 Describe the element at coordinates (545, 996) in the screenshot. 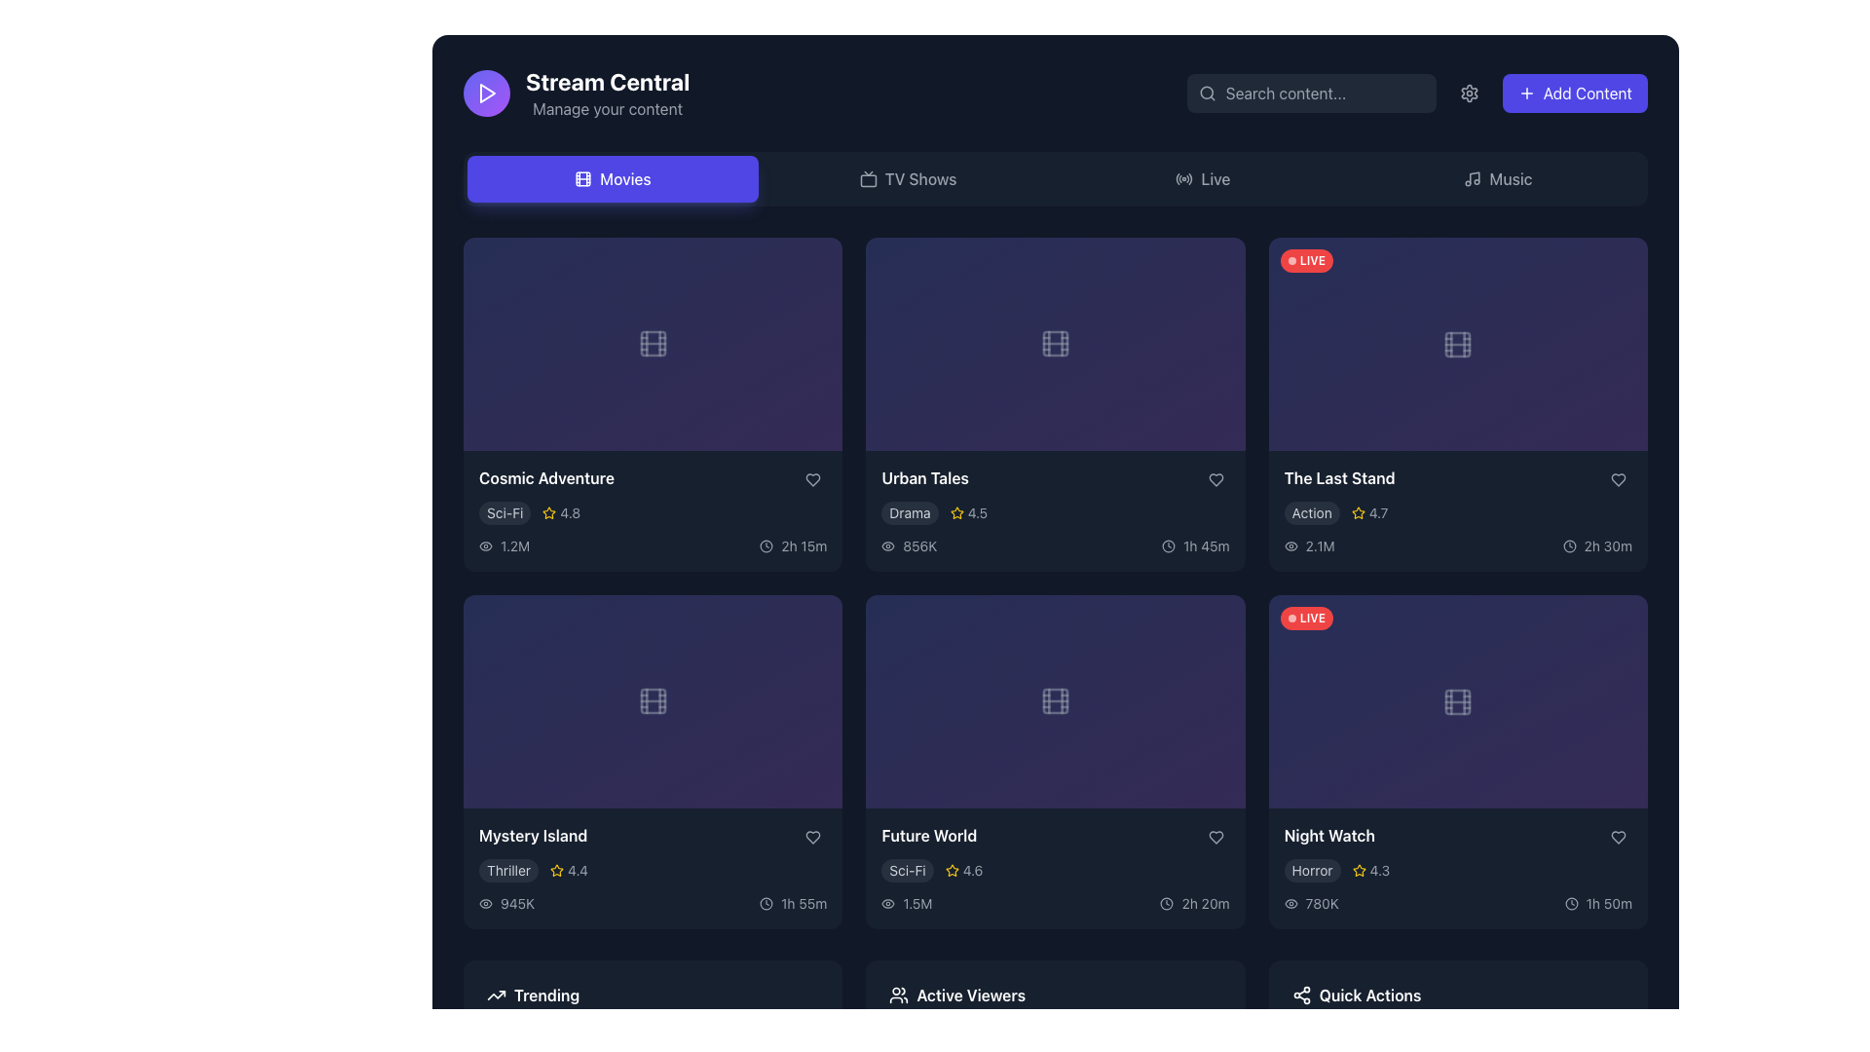

I see `the 'Trending' text label, which categorizes a section indicating its popularity, located at the bottom-left corner of the interface` at that location.